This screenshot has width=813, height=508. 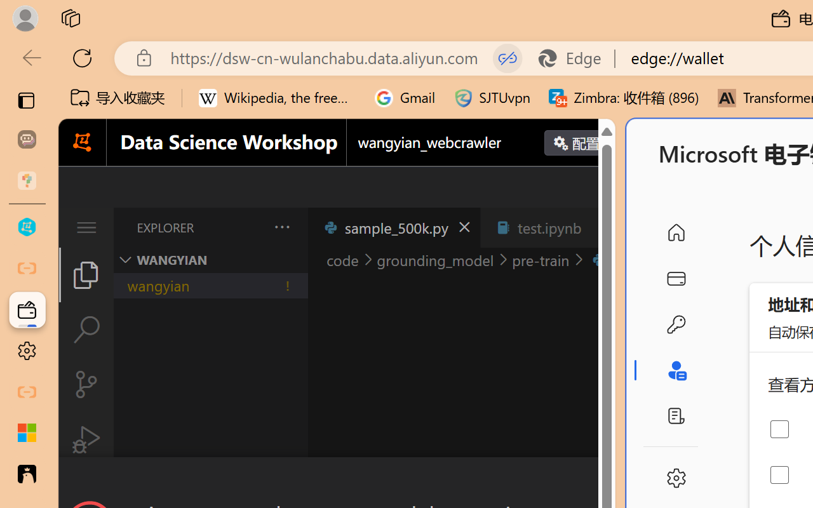 I want to click on 'Tab actions', so click(x=600, y=227).